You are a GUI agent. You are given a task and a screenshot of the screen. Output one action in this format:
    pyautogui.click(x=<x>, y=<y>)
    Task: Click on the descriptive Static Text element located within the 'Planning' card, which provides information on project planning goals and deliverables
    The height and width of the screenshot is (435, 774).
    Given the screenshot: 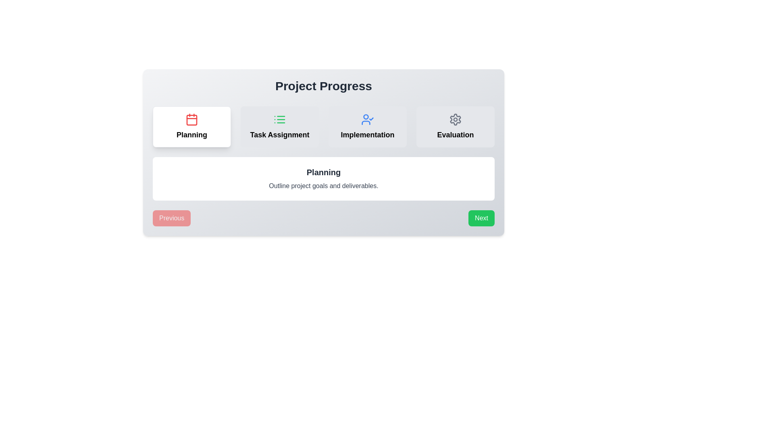 What is the action you would take?
    pyautogui.click(x=323, y=186)
    